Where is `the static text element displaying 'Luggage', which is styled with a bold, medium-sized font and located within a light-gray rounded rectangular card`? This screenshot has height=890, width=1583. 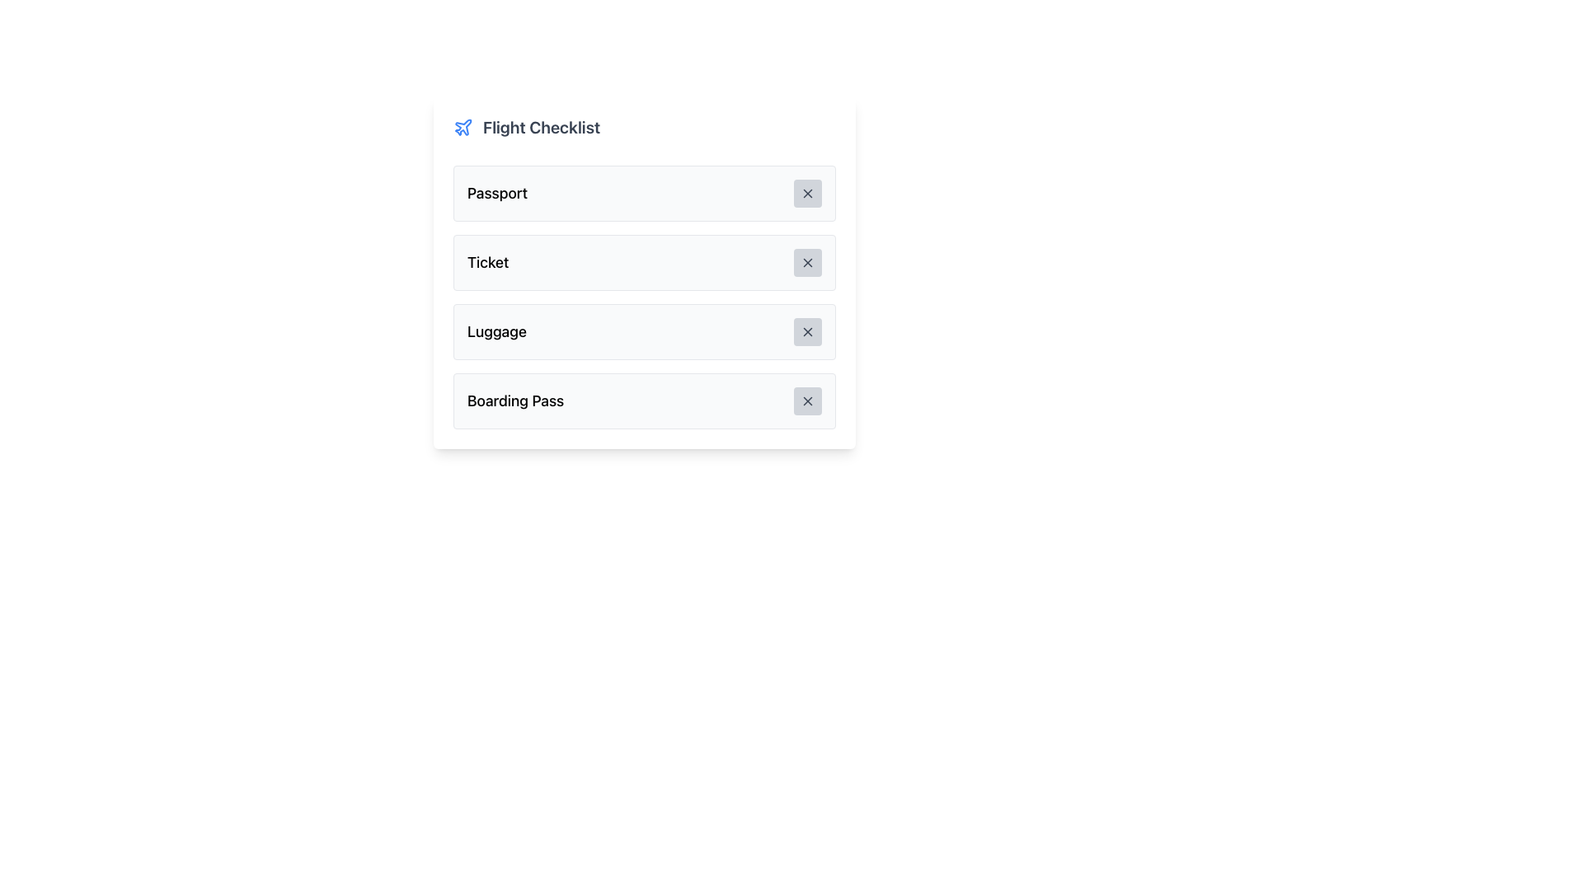
the static text element displaying 'Luggage', which is styled with a bold, medium-sized font and located within a light-gray rounded rectangular card is located at coordinates (496, 331).